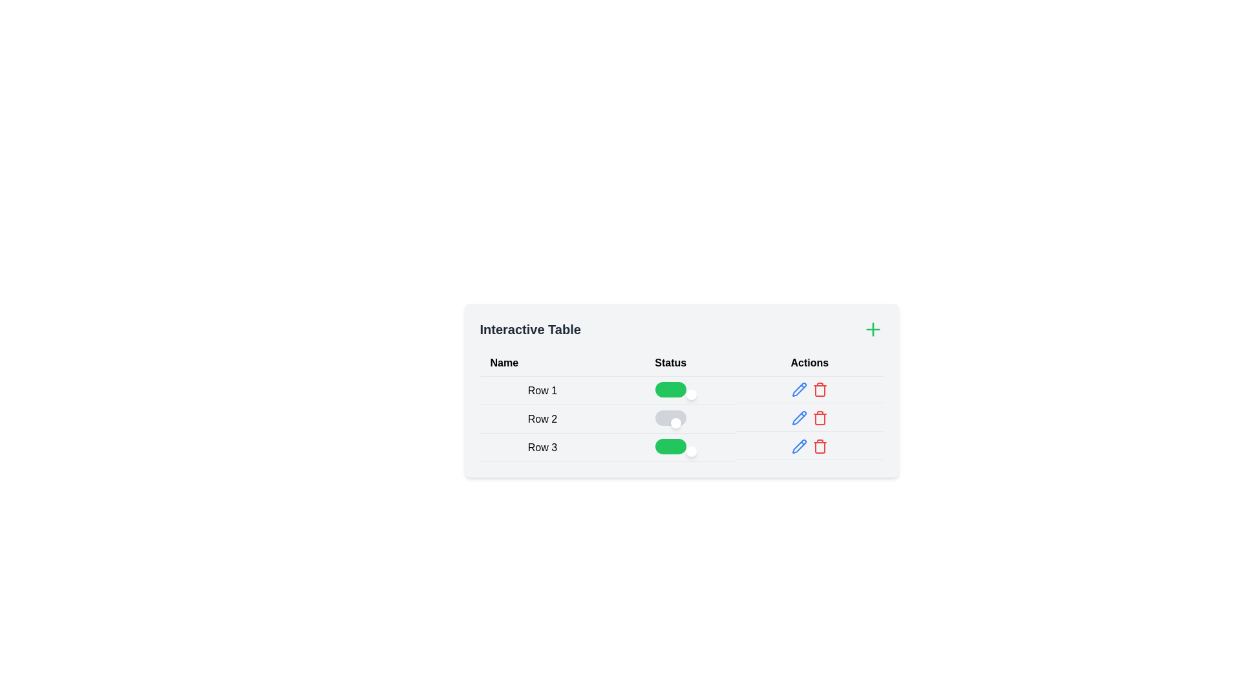  What do you see at coordinates (819, 388) in the screenshot?
I see `the trashcan icon in the Actions column of the first row of the table` at bounding box center [819, 388].